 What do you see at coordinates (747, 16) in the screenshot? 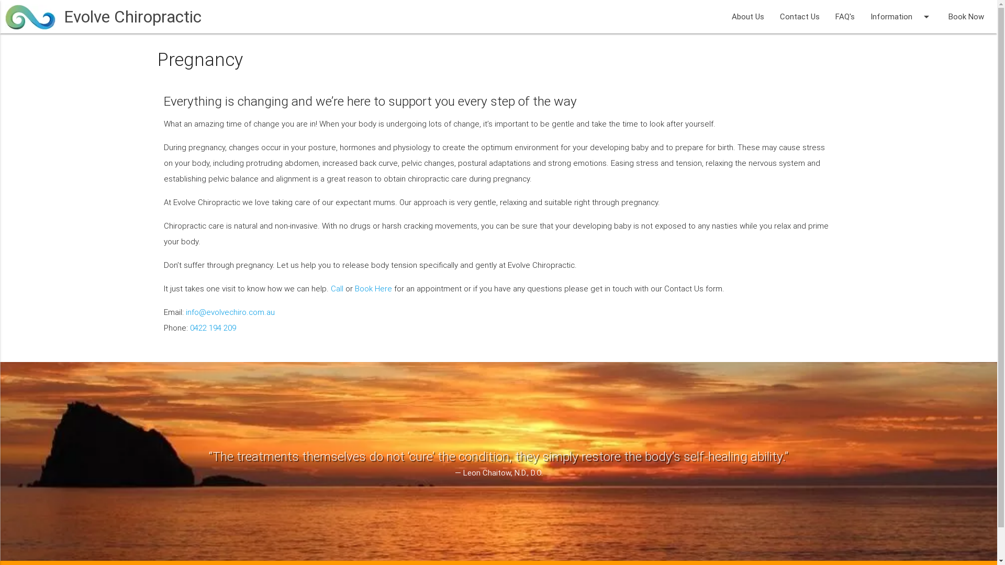
I see `'About Us'` at bounding box center [747, 16].